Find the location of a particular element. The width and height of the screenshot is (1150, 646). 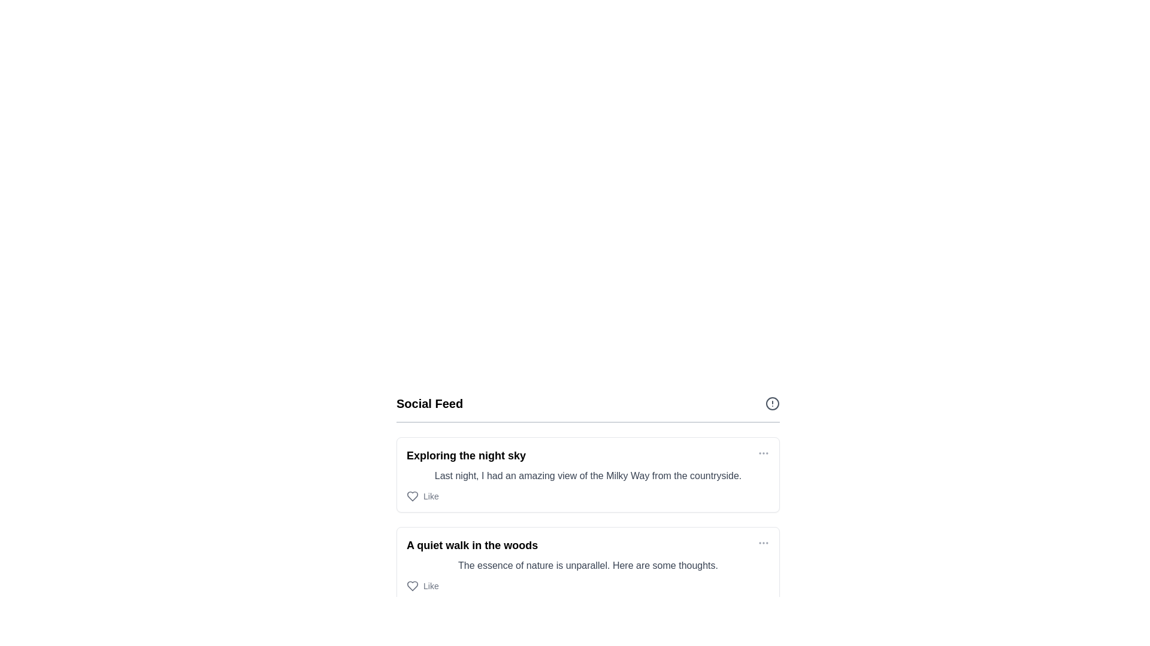

the text component styled in gray with the content: 'The essence of nature is unparallel. Here are some thoughts.' located beneath the header 'A quiet walk in the woods' is located at coordinates (588, 565).